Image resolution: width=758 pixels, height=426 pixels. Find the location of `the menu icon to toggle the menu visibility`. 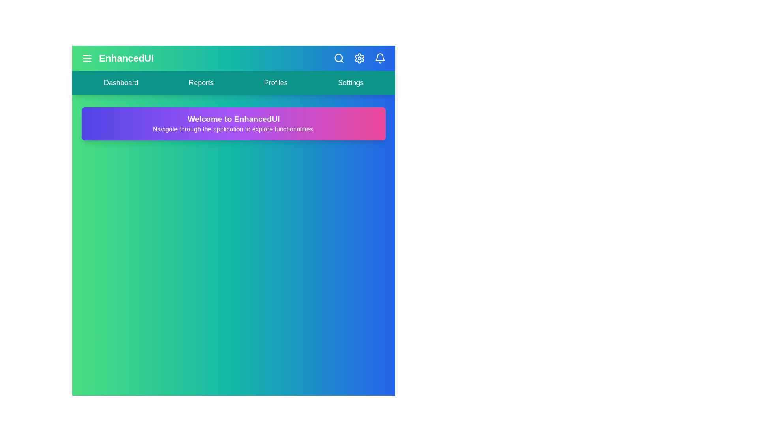

the menu icon to toggle the menu visibility is located at coordinates (87, 58).